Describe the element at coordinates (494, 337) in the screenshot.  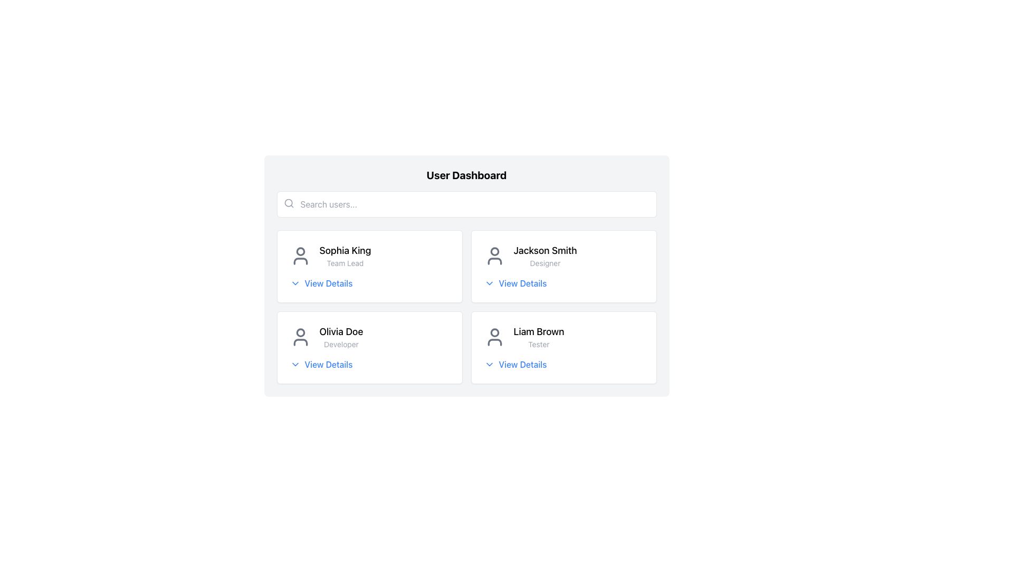
I see `the profile icon representing 'Liam Brown' located in the upper left corner of the 'Liam Brown Tester' card on the dashboard` at that location.